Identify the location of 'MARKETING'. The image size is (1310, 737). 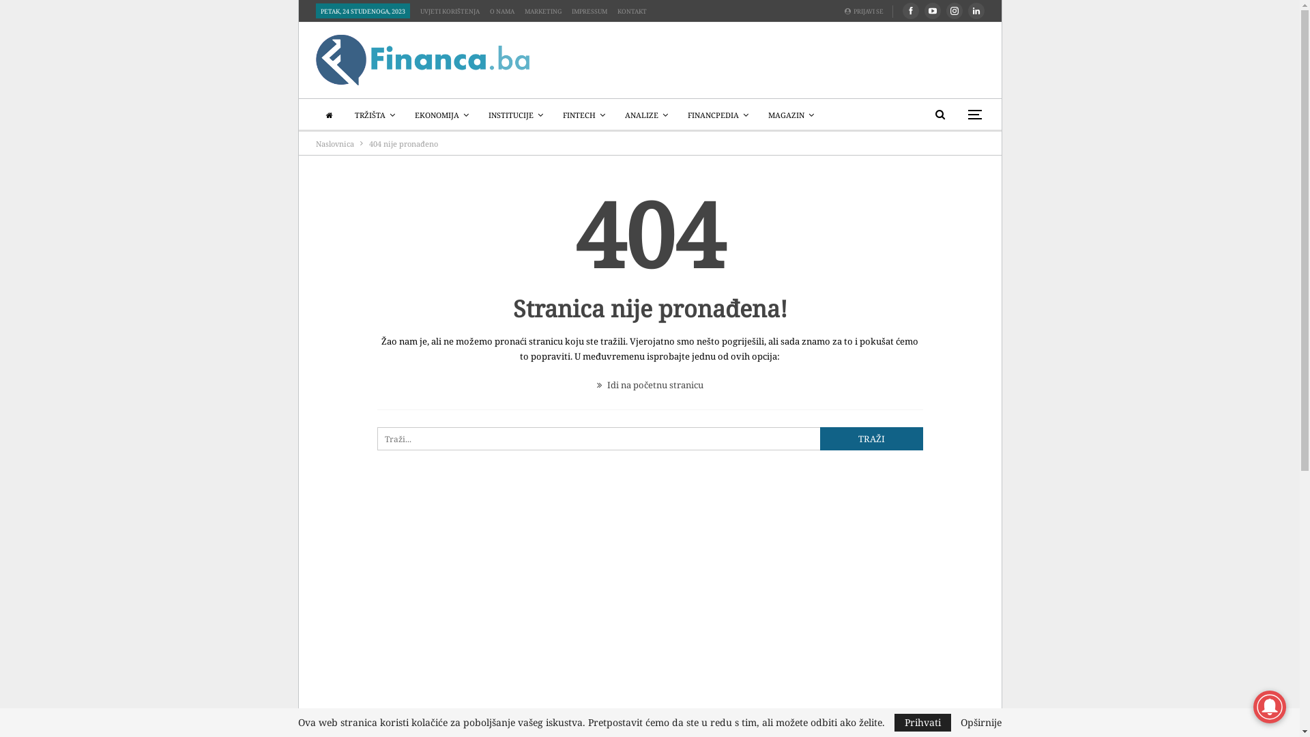
(523, 11).